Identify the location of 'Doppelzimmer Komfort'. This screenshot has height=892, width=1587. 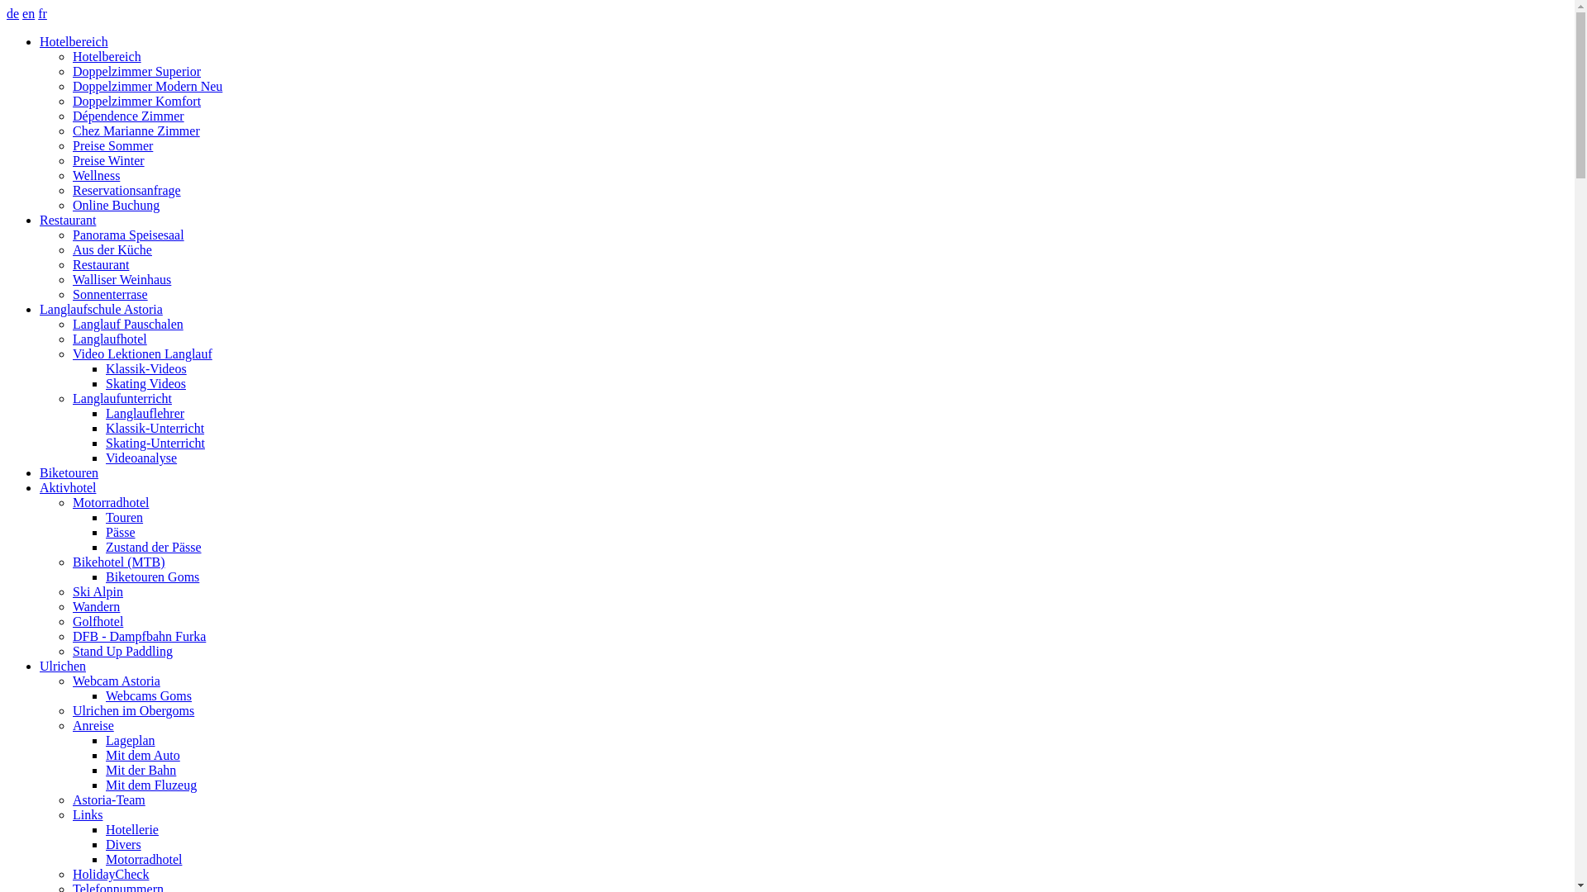
(136, 101).